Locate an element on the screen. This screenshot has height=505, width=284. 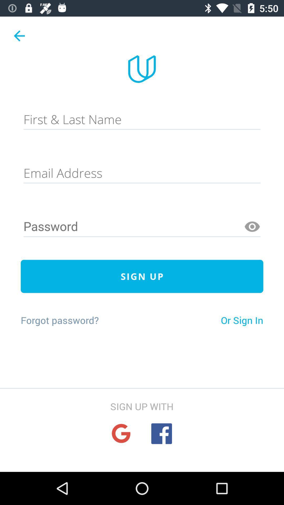
password is located at coordinates (142, 227).